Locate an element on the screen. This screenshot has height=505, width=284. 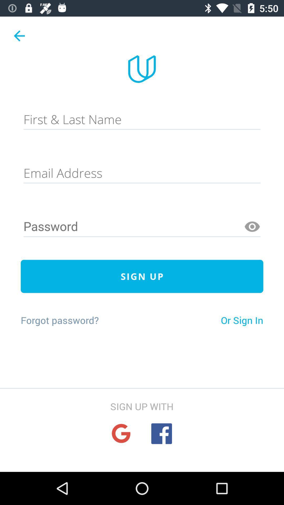
password is located at coordinates (142, 227).